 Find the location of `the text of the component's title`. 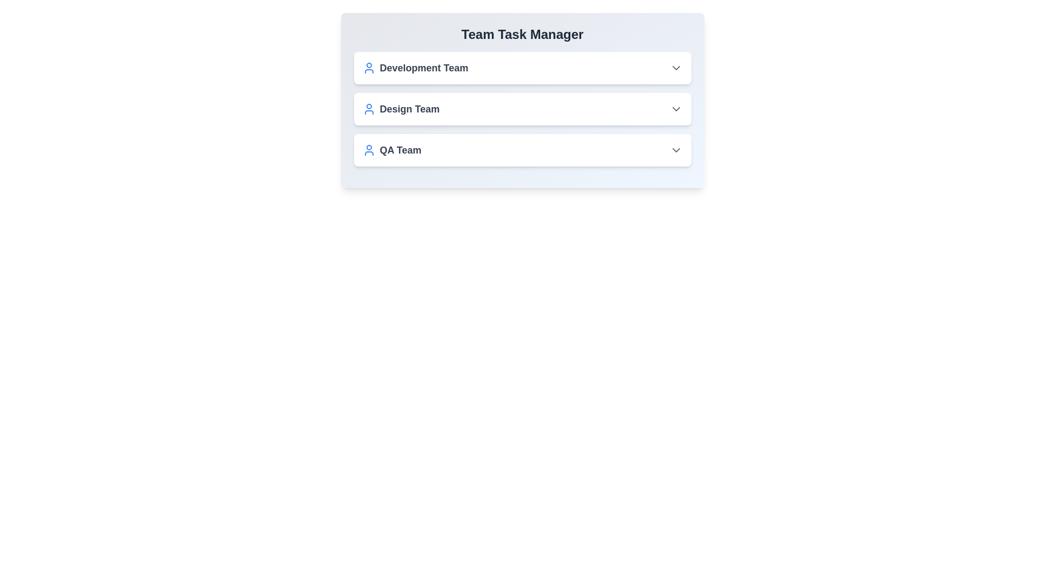

the text of the component's title is located at coordinates (522, 34).